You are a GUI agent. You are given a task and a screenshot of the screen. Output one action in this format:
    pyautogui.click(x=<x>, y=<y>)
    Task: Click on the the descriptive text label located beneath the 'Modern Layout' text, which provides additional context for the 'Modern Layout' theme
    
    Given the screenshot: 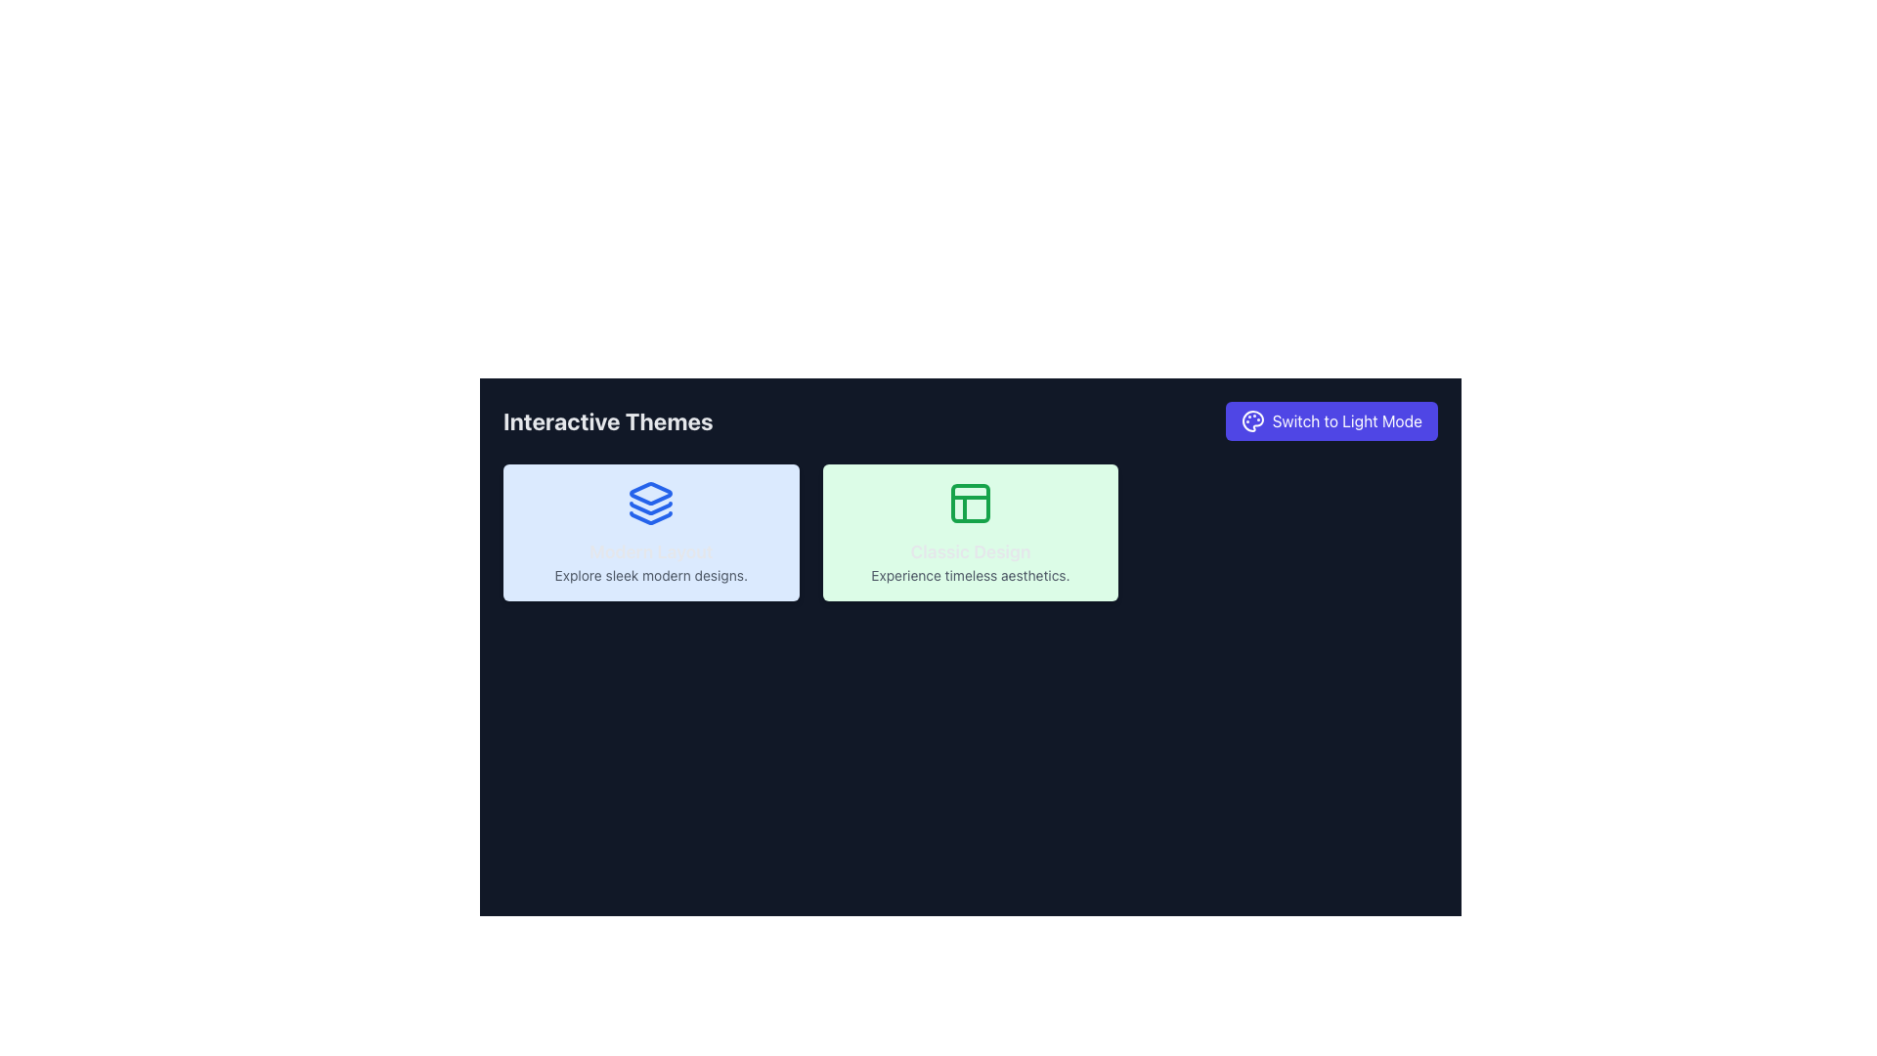 What is the action you would take?
    pyautogui.click(x=651, y=575)
    